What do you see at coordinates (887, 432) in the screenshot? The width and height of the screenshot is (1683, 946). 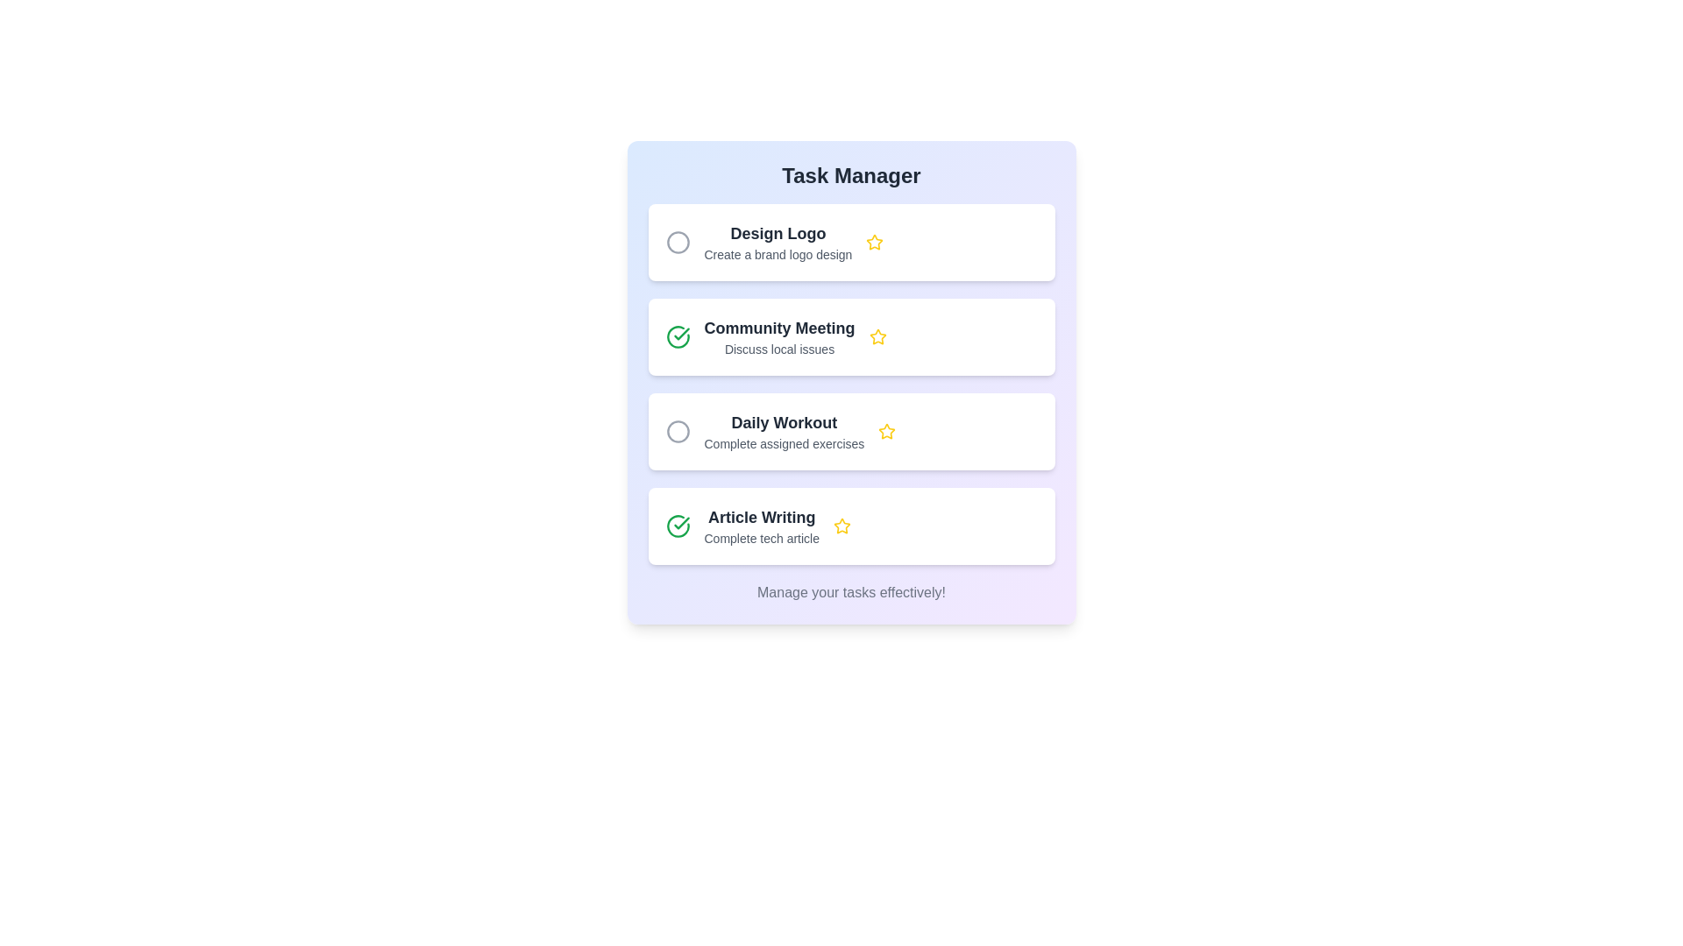 I see `the star icon next to the task Daily Workout` at bounding box center [887, 432].